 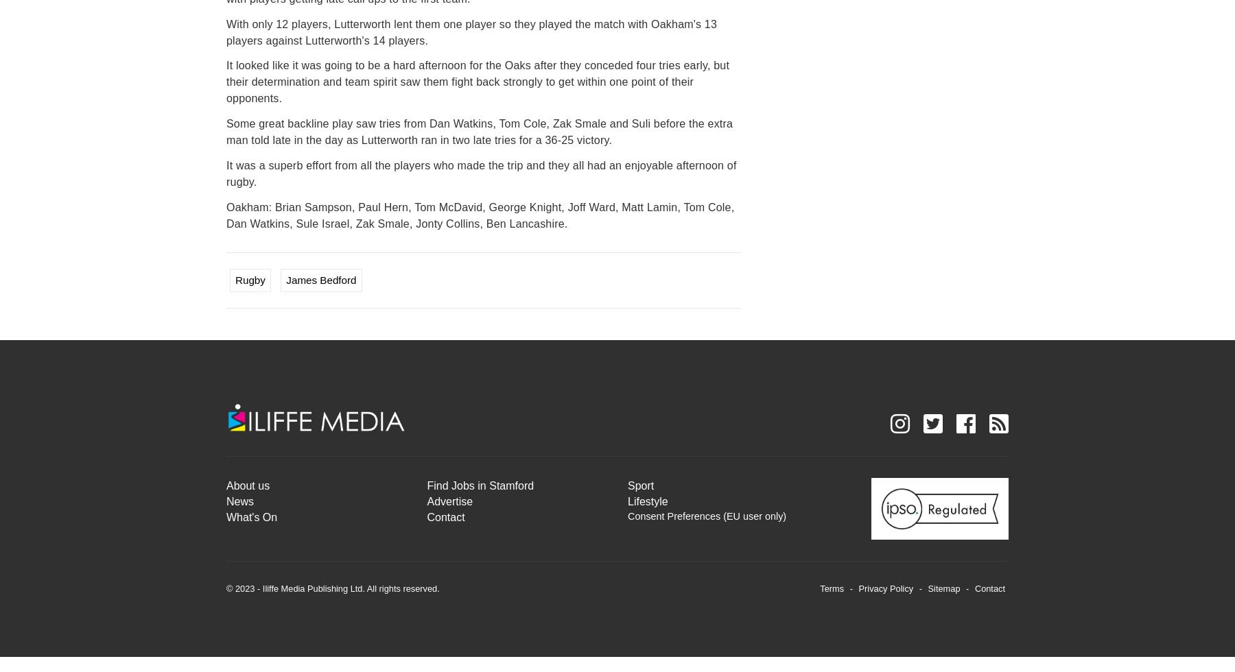 What do you see at coordinates (885, 588) in the screenshot?
I see `'Privacy Policy'` at bounding box center [885, 588].